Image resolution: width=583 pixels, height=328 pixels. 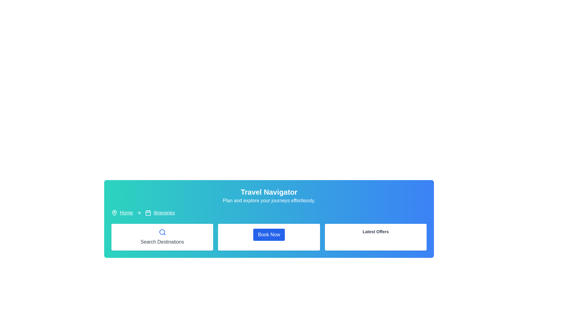 What do you see at coordinates (162, 232) in the screenshot?
I see `the blue magnifying glass icon located above the 'Search Destinations' text to initiate a search action` at bounding box center [162, 232].